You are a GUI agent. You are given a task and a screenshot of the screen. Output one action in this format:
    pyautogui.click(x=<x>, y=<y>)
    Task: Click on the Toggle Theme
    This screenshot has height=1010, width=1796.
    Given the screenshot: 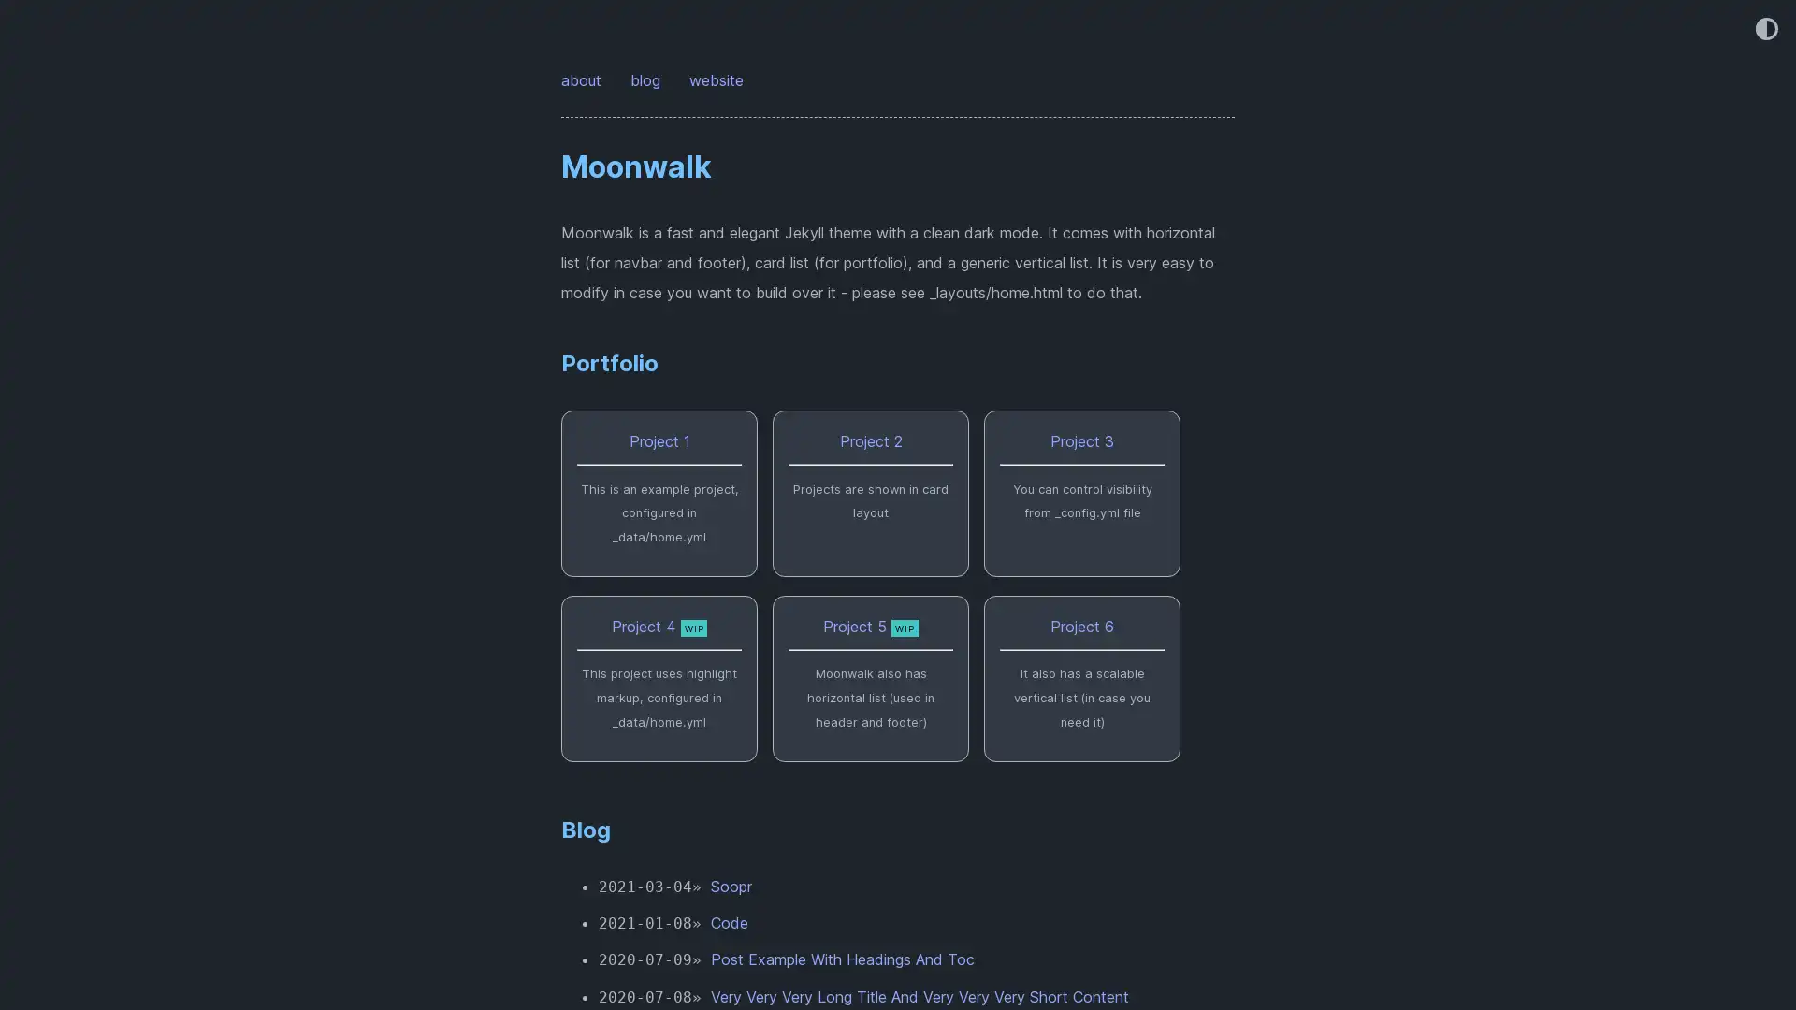 What is the action you would take?
    pyautogui.click(x=1764, y=30)
    